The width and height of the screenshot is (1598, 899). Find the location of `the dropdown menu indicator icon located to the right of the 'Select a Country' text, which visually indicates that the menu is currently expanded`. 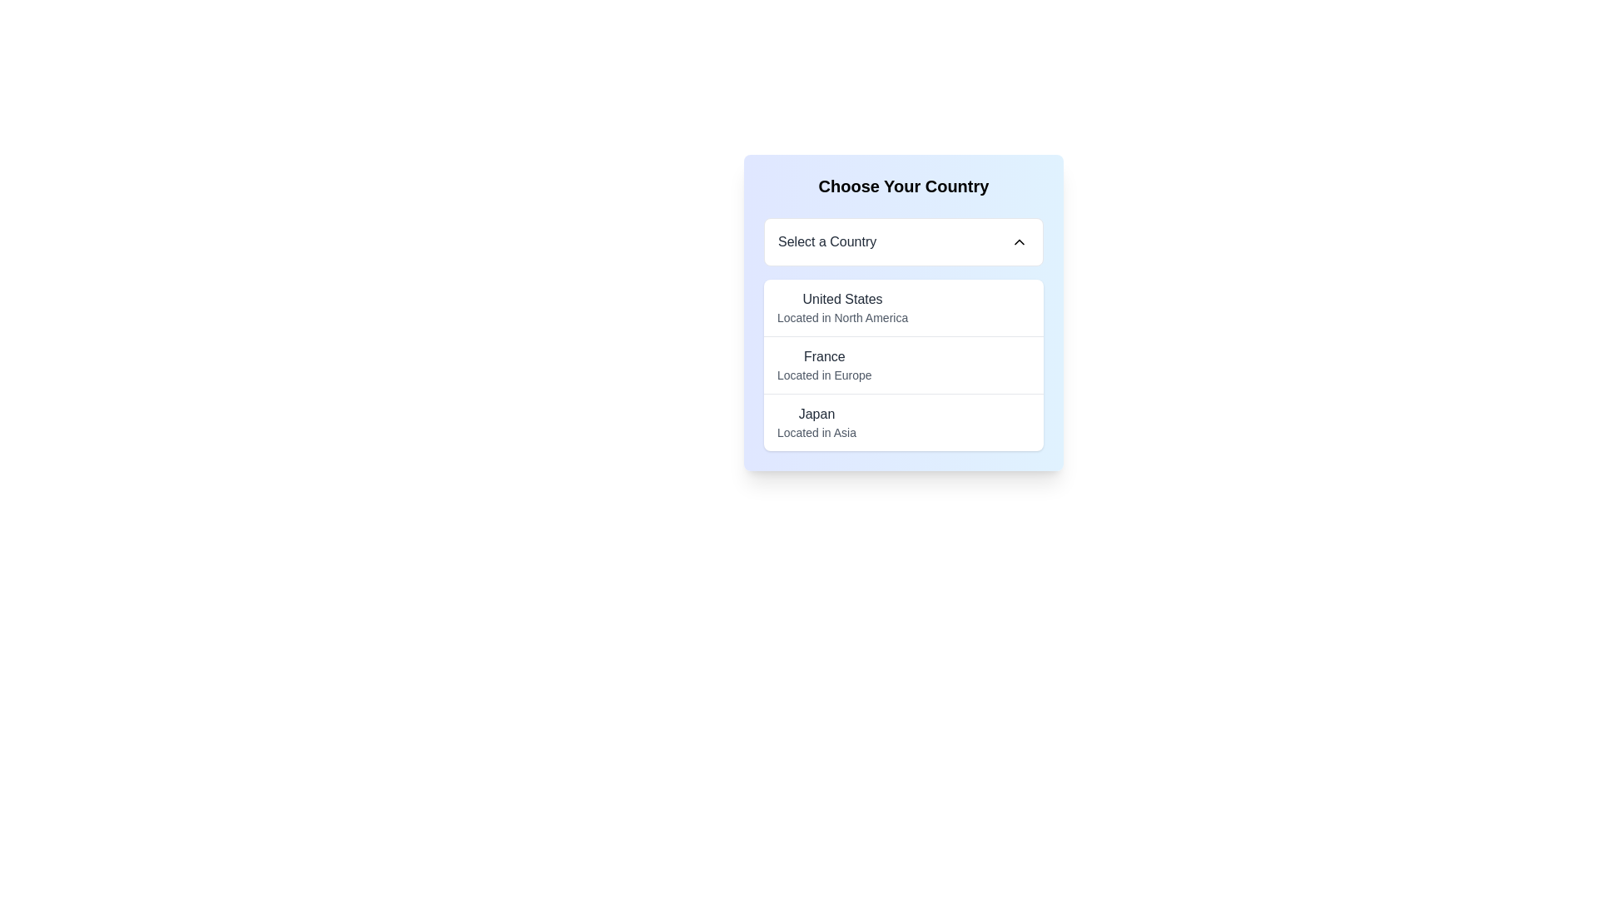

the dropdown menu indicator icon located to the right of the 'Select a Country' text, which visually indicates that the menu is currently expanded is located at coordinates (1018, 241).